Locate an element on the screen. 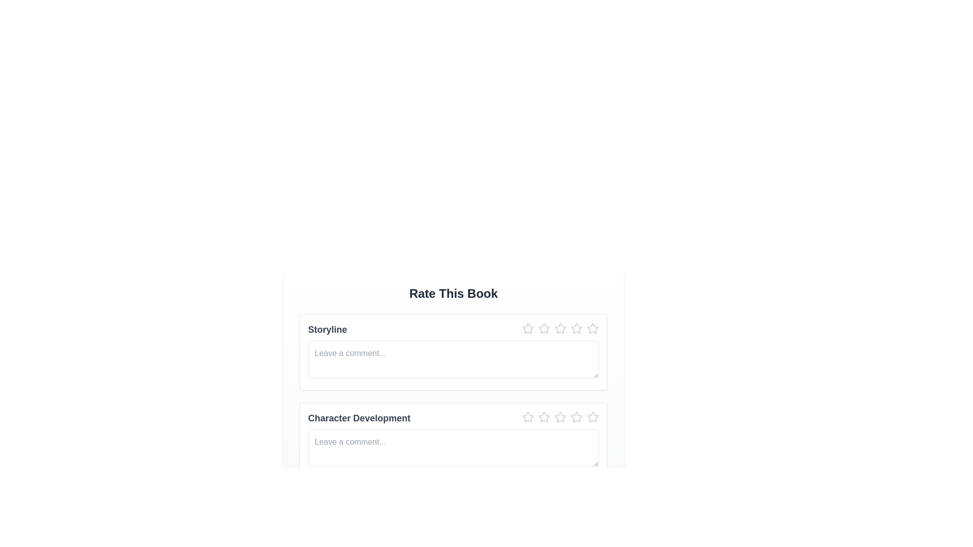  the static text label identifying the category 'Character Development', which is positioned below the 'Storyline' section and to the left of the rating stars is located at coordinates (359, 418).